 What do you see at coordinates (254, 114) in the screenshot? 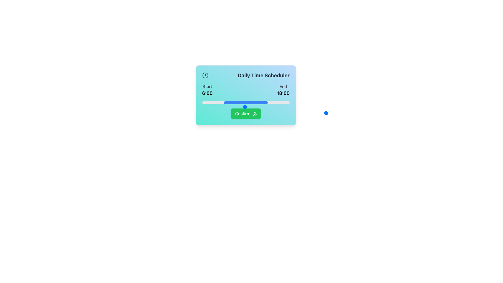
I see `the confirmation icon located within the green 'Confirm' button, positioned slightly offset from the center-right of the button` at bounding box center [254, 114].